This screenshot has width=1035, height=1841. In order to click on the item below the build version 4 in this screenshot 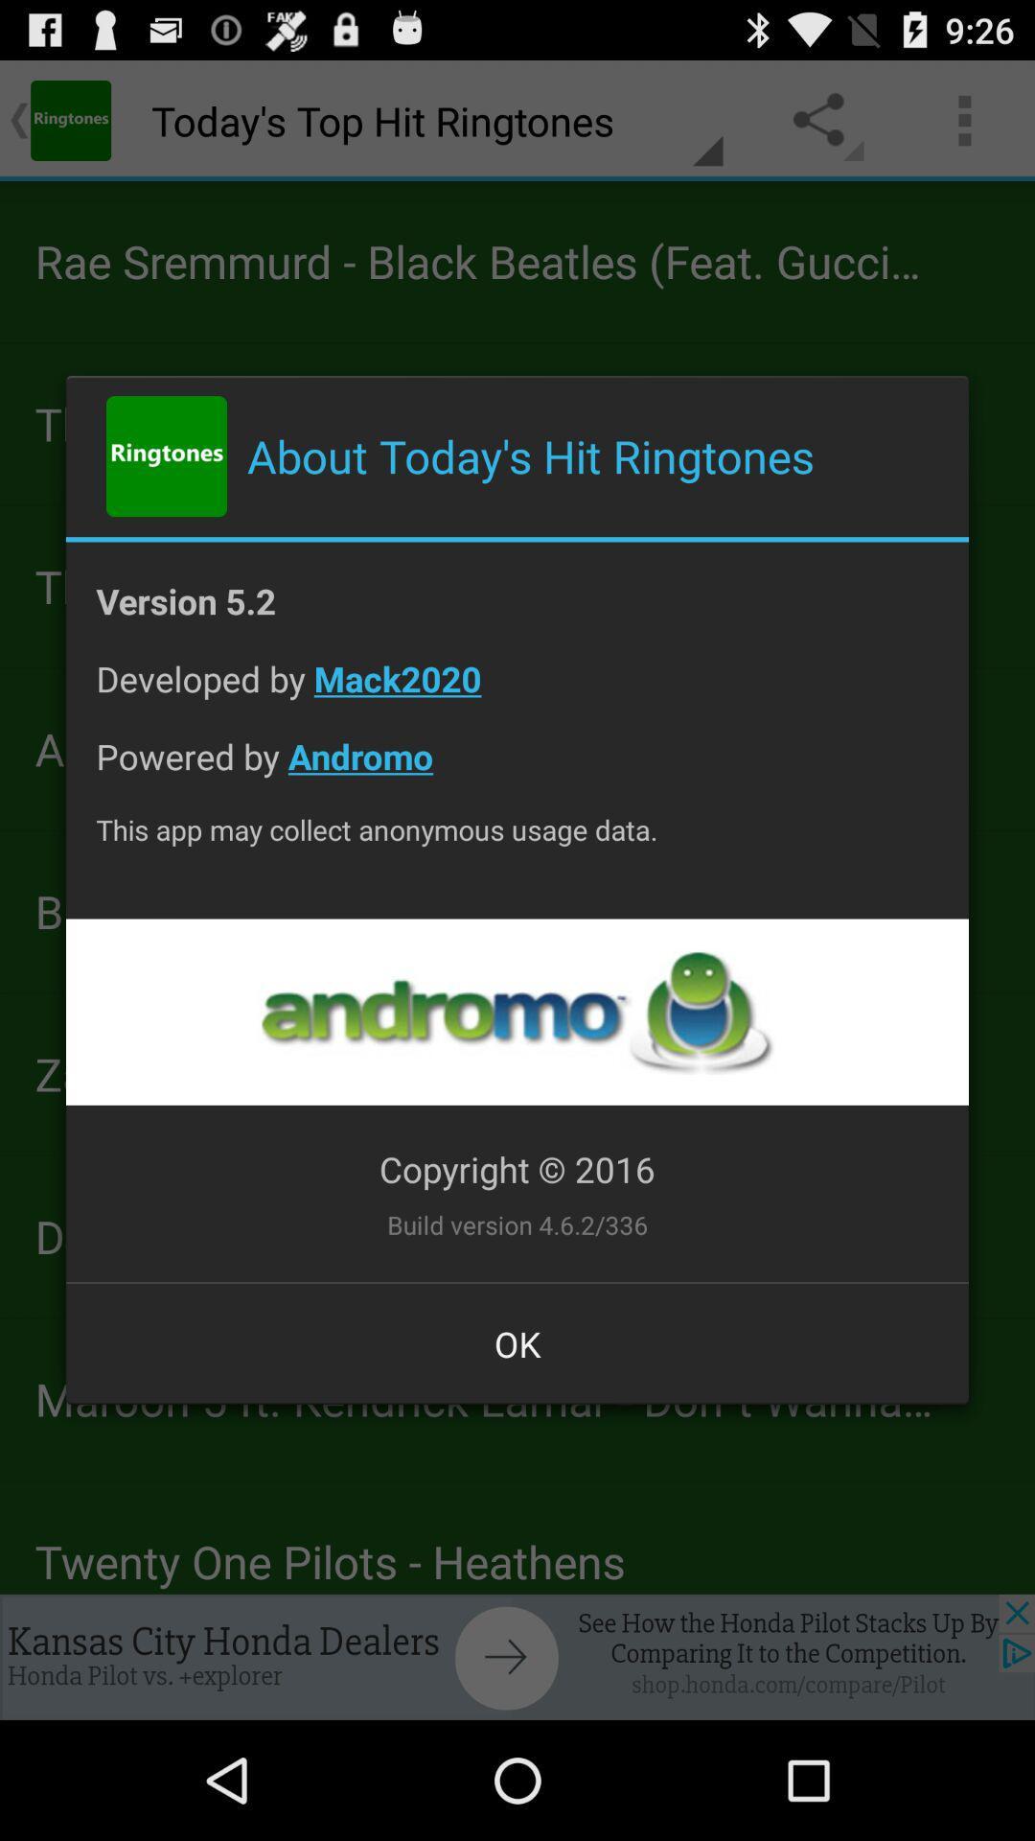, I will do `click(517, 1342)`.